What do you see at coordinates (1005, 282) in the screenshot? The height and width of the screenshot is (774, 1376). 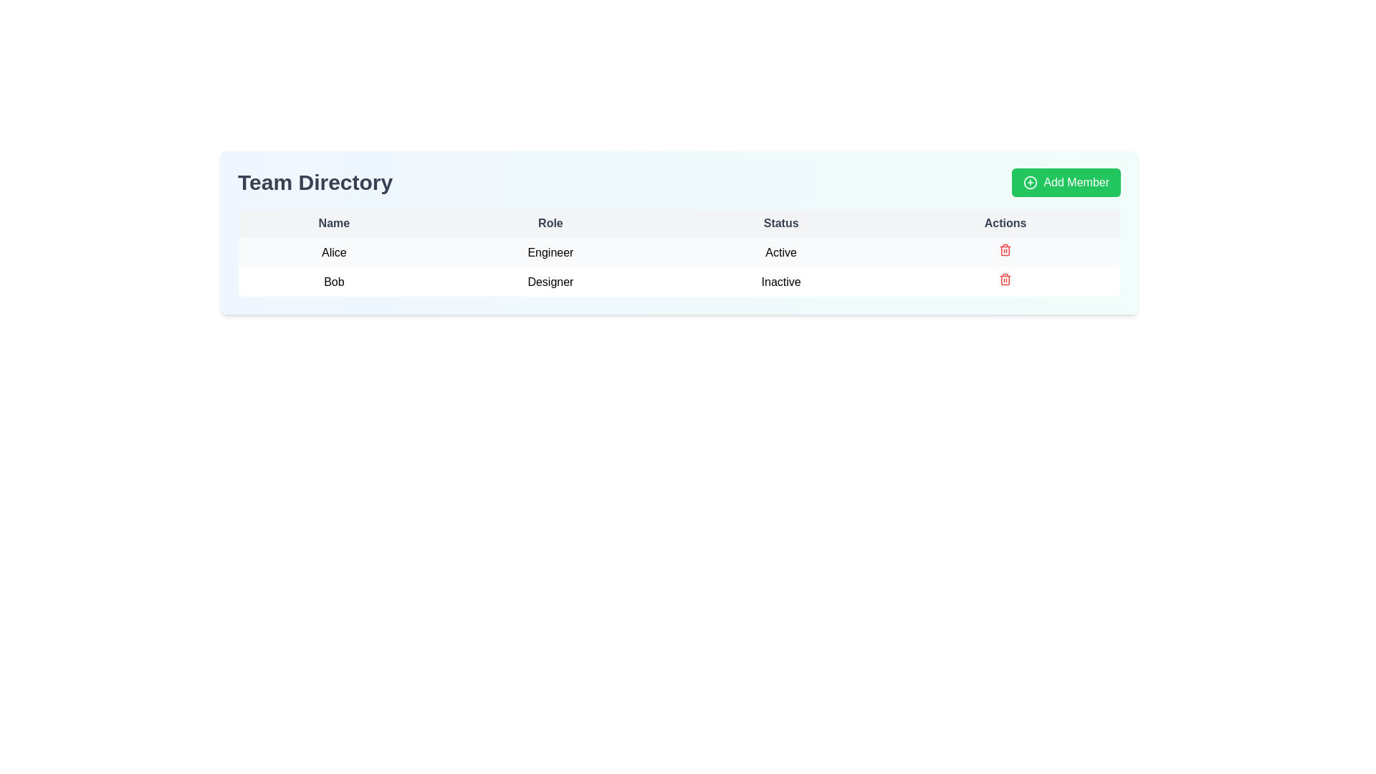 I see `the delete icon button located at the far right of the row containing 'Bob' and 'Inactive' in the table under the 'Actions' column` at bounding box center [1005, 282].